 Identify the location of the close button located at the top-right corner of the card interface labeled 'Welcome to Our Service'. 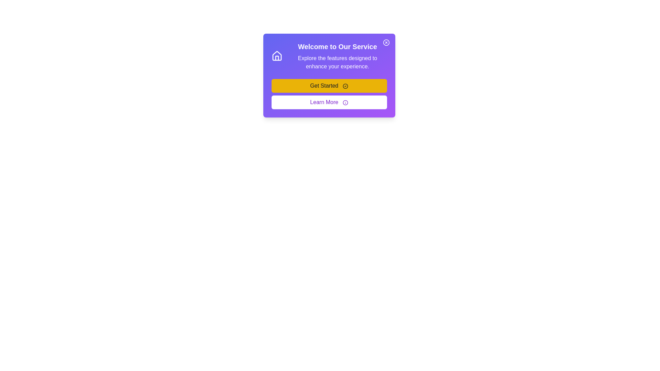
(386, 42).